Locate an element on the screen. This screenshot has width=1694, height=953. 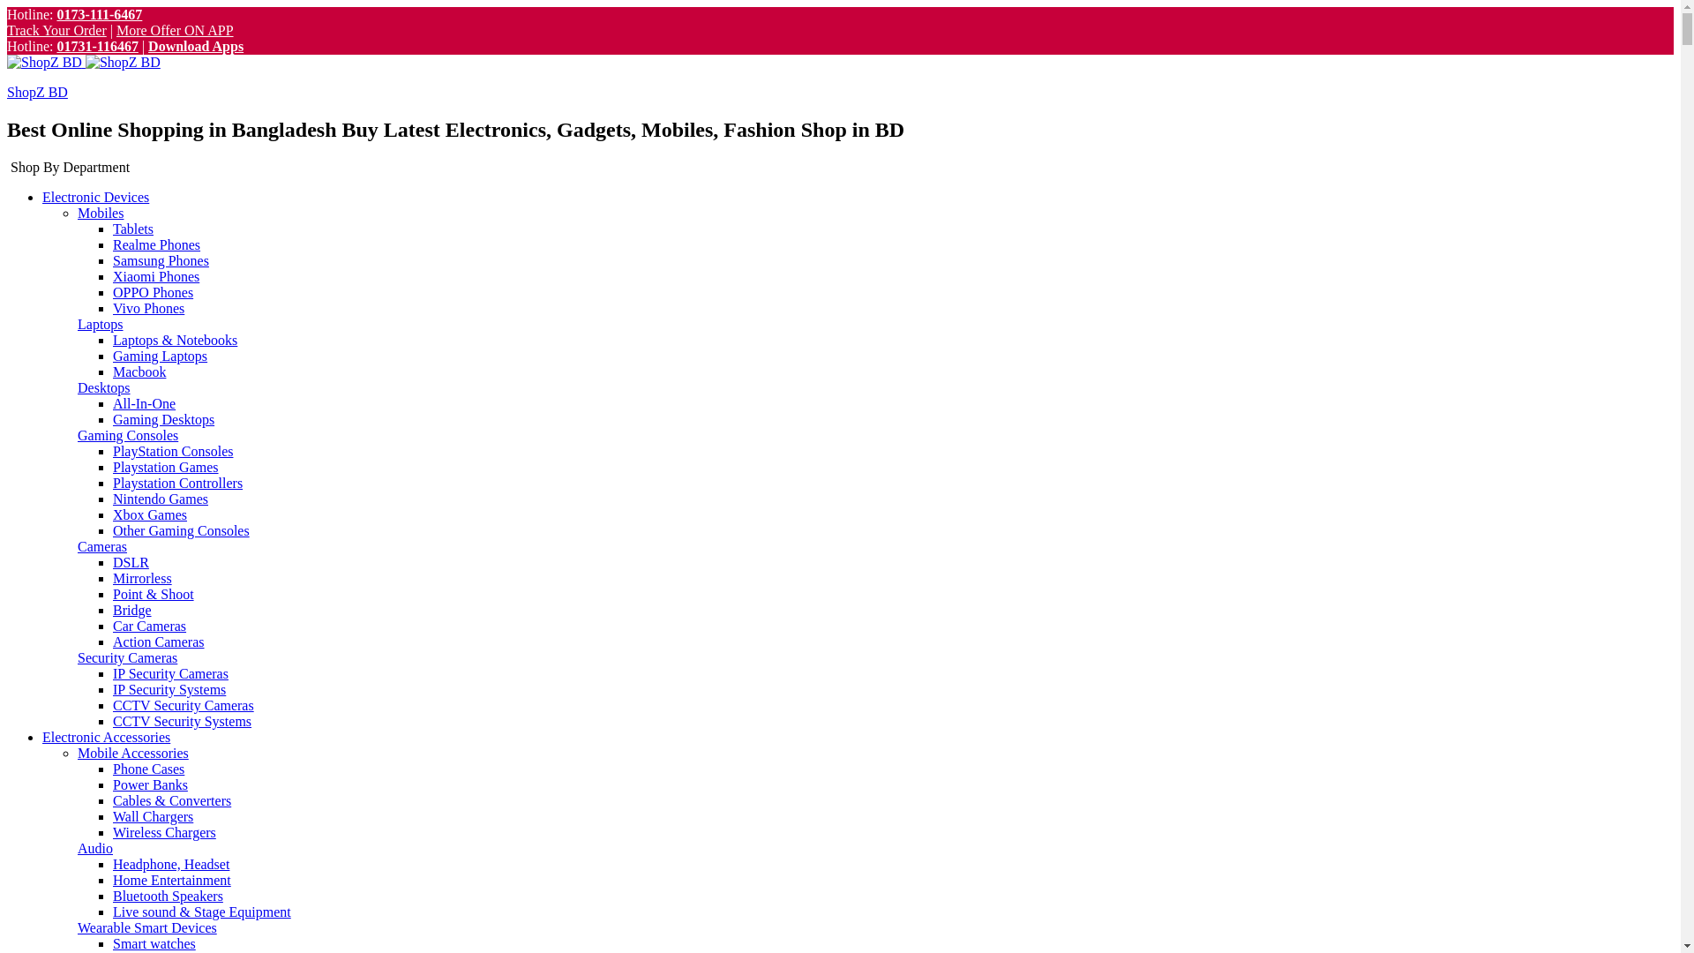
'Wall Chargers' is located at coordinates (153, 816).